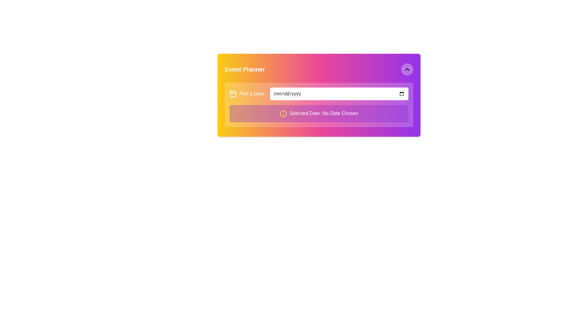 This screenshot has width=580, height=326. I want to click on the interactive button located at the top-right corner of the 'Event Planner' header section, so click(407, 69).